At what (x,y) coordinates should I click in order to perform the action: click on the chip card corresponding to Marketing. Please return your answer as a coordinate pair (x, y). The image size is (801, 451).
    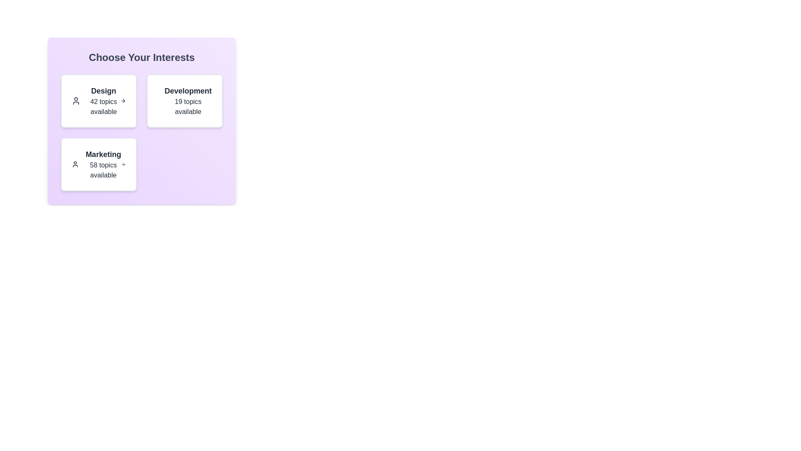
    Looking at the image, I should click on (98, 164).